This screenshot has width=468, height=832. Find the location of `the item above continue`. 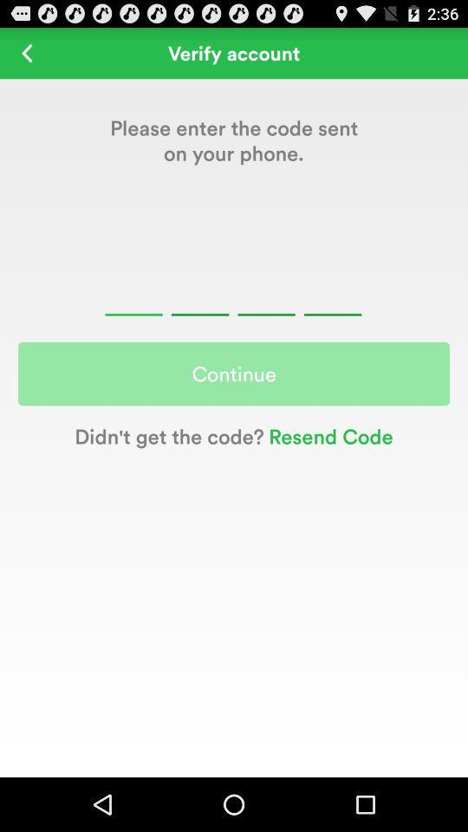

the item above continue is located at coordinates (233, 294).